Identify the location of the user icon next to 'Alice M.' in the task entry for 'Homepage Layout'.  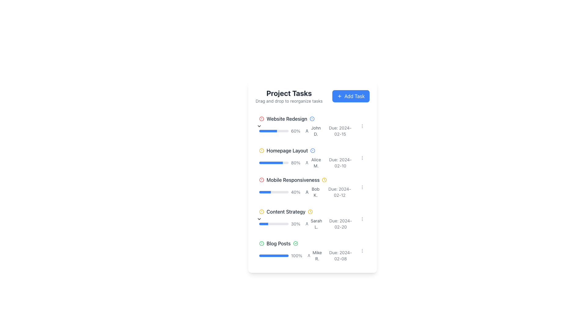
(306, 157).